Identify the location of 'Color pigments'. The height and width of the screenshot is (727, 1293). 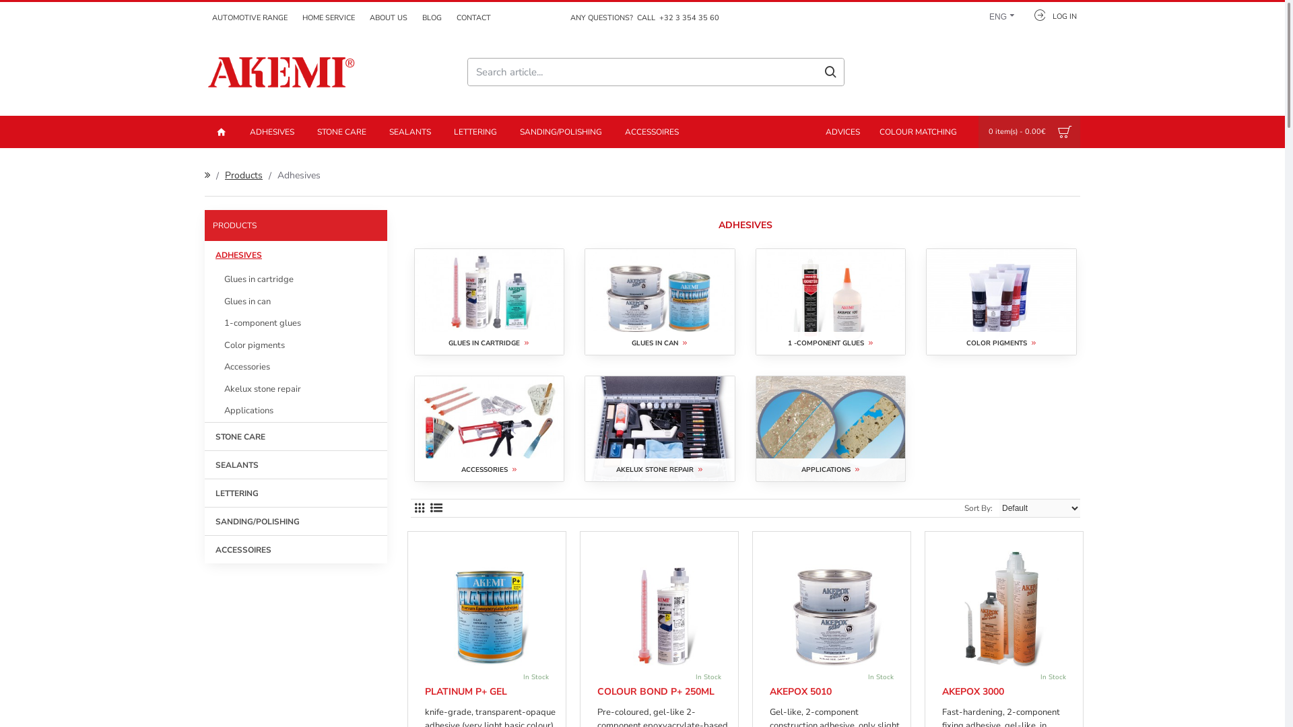
(295, 344).